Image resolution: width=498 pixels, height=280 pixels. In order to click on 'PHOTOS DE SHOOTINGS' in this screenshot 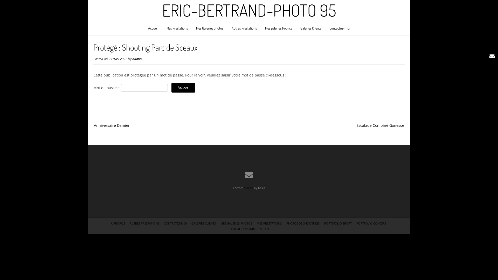, I will do `click(286, 223)`.